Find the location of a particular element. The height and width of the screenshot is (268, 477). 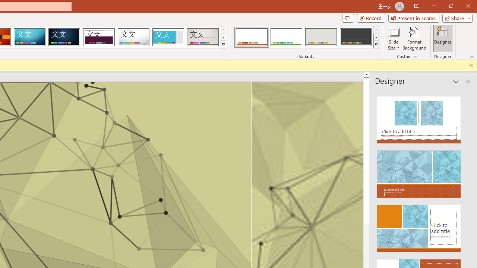

'Retrospect Variant 1' is located at coordinates (252, 37).